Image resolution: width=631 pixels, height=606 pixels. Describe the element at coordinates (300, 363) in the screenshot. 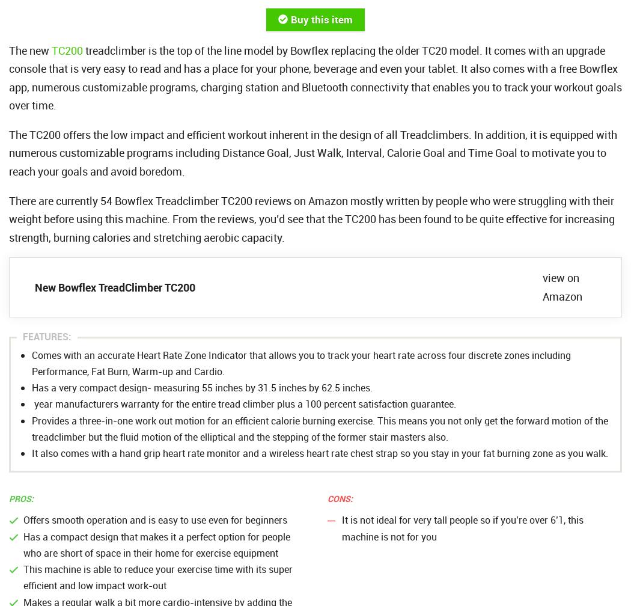

I see `'Comes with an accurate Heart Rate Zone Indicator that allows you to track your heart rate across four discrete zones including Performance, Fat Burn, Warm-up and Cardio.'` at that location.